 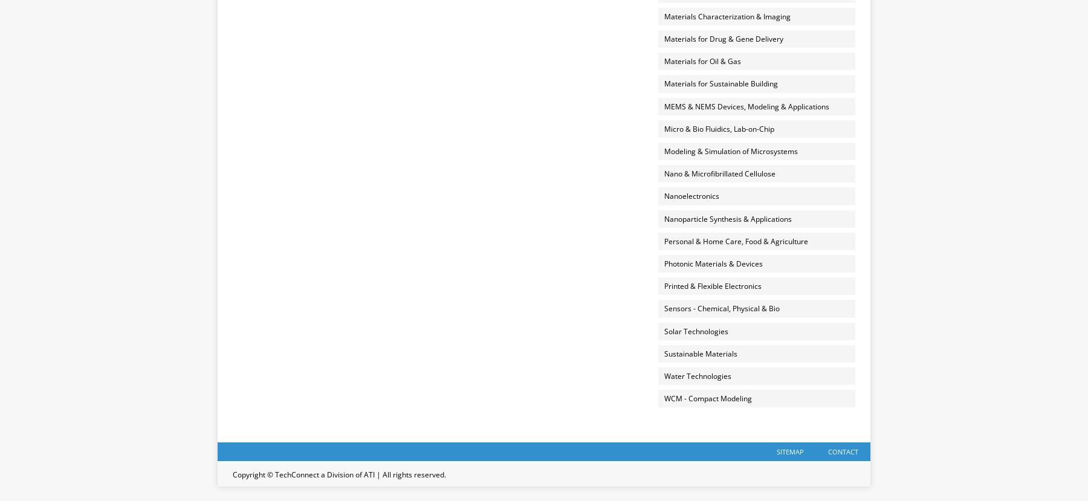 I want to click on 'Nanoelectronics', so click(x=690, y=196).